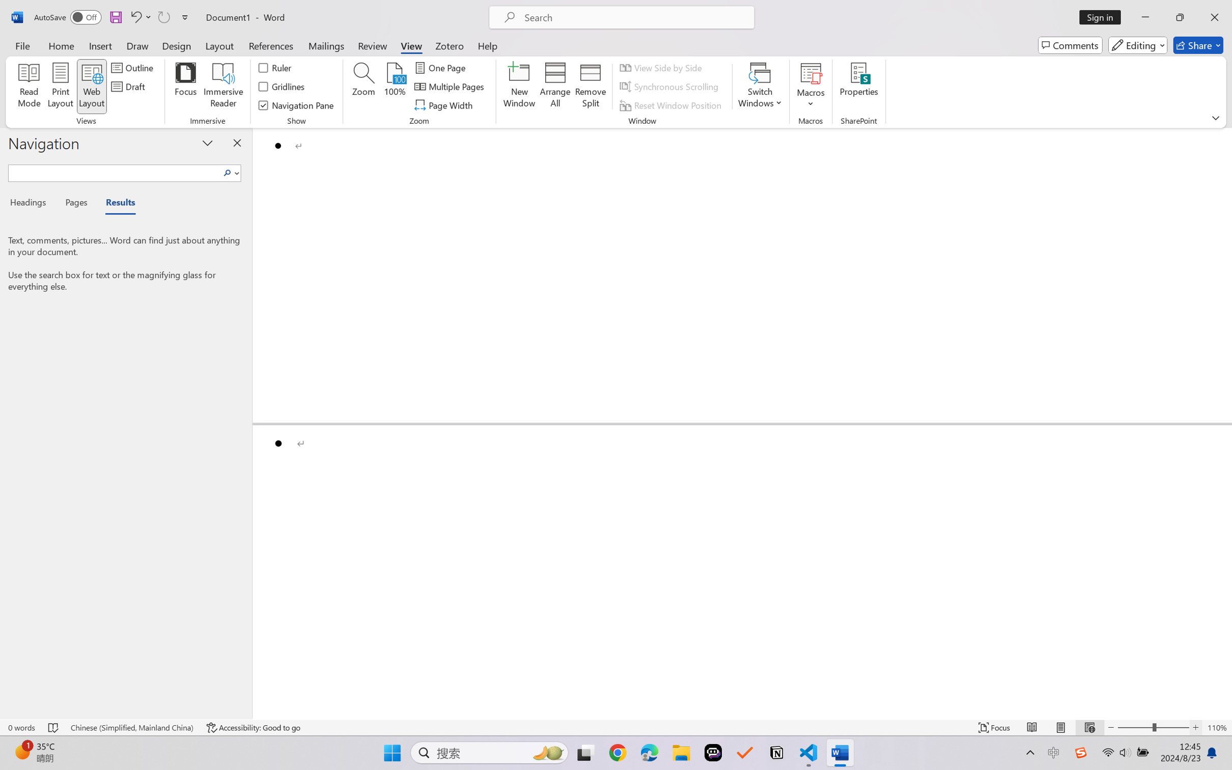 This screenshot has height=770, width=1232. I want to click on 'Arrange All', so click(554, 87).